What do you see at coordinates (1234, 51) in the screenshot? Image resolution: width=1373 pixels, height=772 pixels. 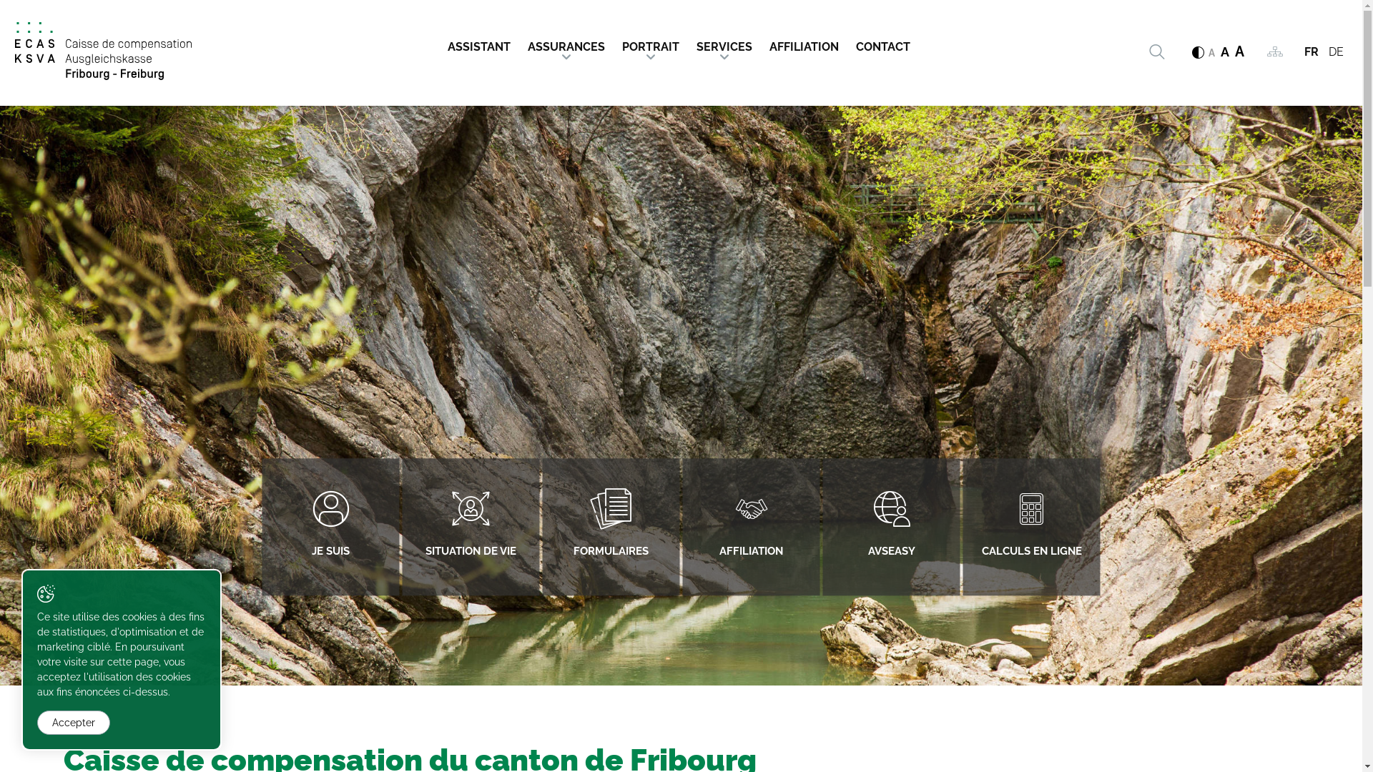 I see `'A'` at bounding box center [1234, 51].